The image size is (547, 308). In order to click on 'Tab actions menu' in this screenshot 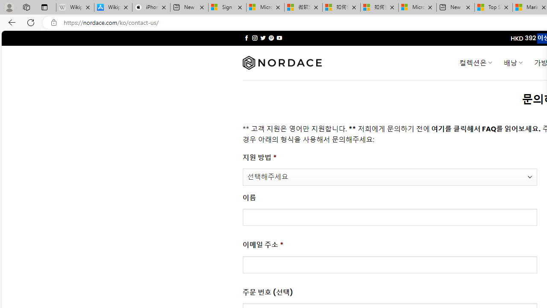, I will do `click(44, 7)`.